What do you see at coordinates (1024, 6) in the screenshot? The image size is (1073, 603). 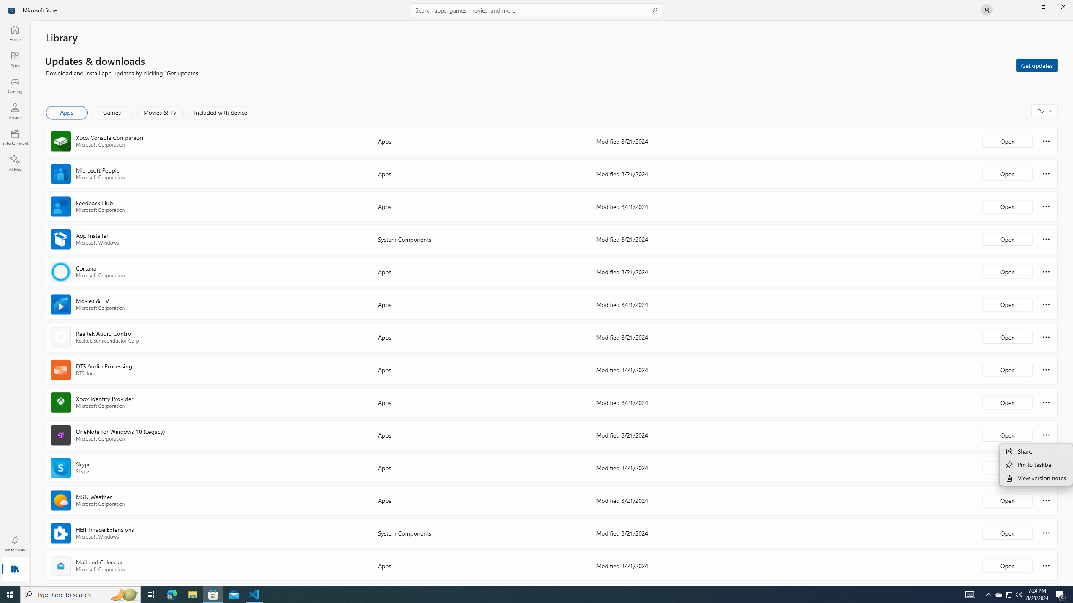 I see `'Minimize Microsoft Store'` at bounding box center [1024, 6].